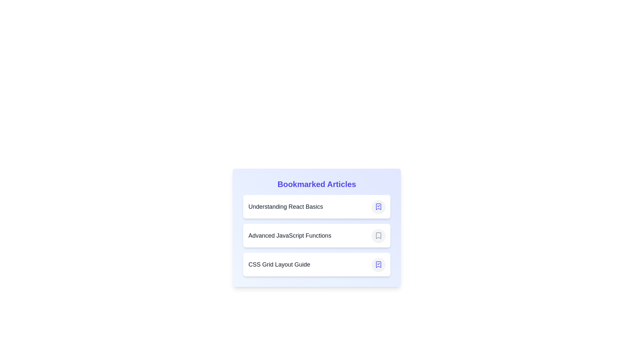 The width and height of the screenshot is (631, 355). I want to click on the article item titled CSS Grid Layout Guide, so click(317, 264).